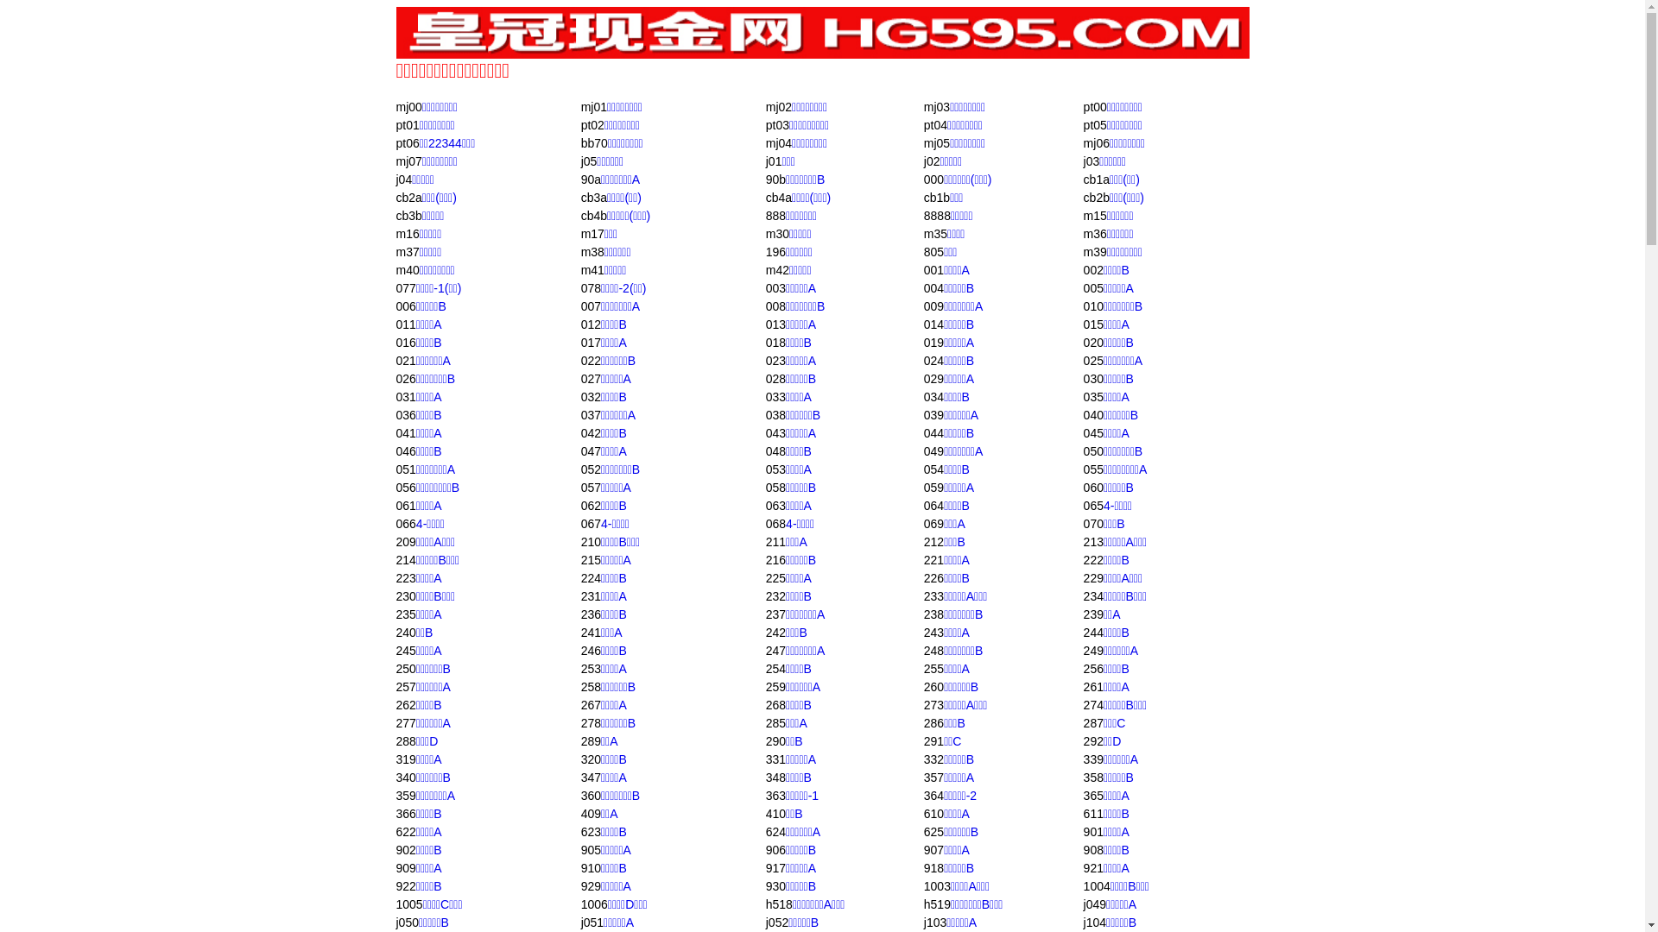 The height and width of the screenshot is (932, 1658). Describe the element at coordinates (931, 161) in the screenshot. I see `'j02'` at that location.